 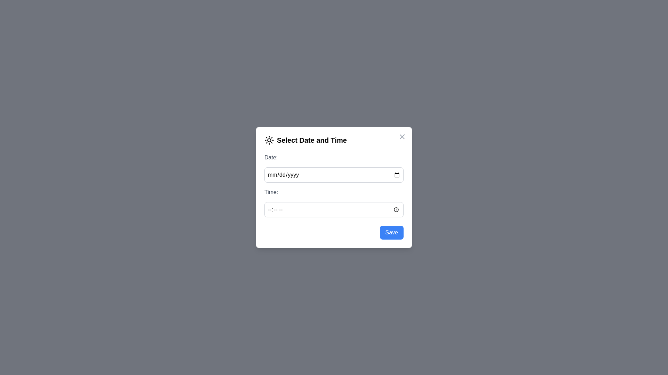 What do you see at coordinates (391, 233) in the screenshot?
I see `the Save button to confirm the selection` at bounding box center [391, 233].